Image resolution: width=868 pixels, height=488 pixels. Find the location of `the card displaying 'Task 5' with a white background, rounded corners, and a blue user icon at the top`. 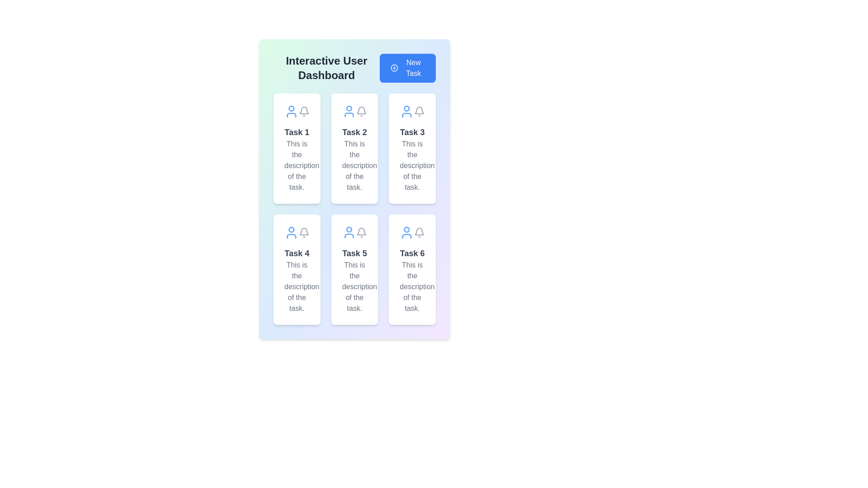

the card displaying 'Task 5' with a white background, rounded corners, and a blue user icon at the top is located at coordinates (354, 269).